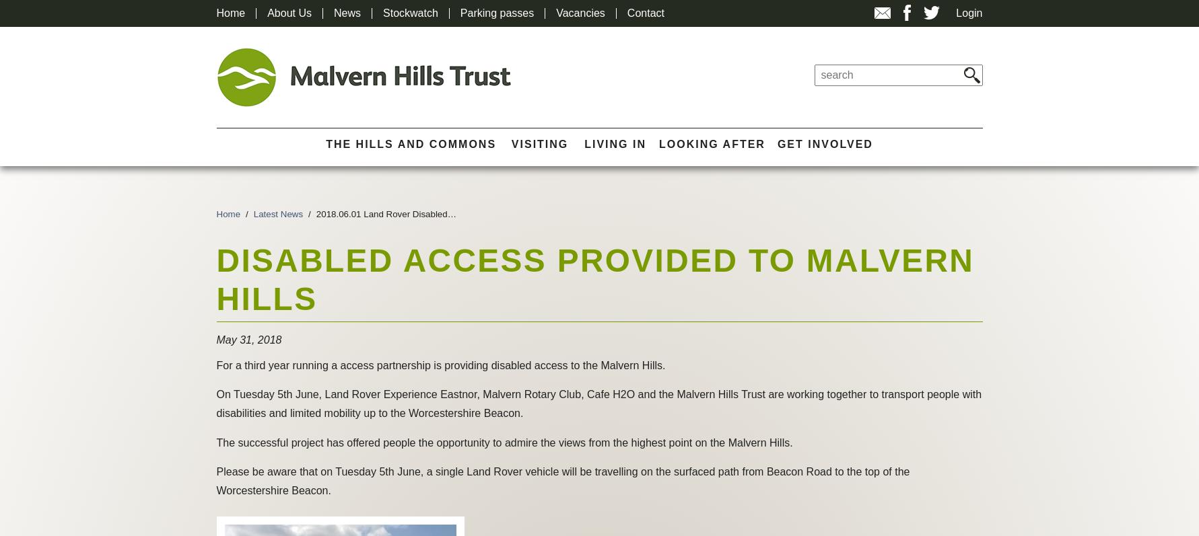 The image size is (1199, 536). What do you see at coordinates (595, 280) in the screenshot?
I see `'Disabled access provided to Malvern Hills'` at bounding box center [595, 280].